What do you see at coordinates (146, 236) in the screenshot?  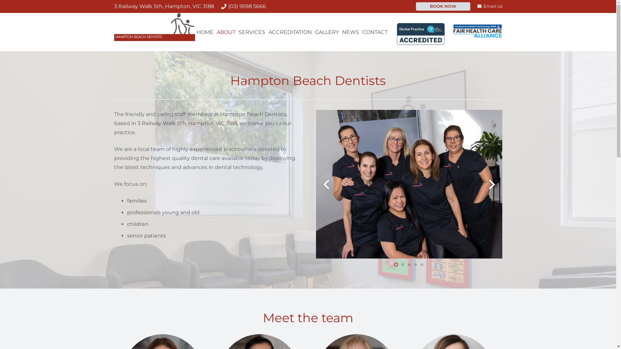 I see `'senior patients'` at bounding box center [146, 236].